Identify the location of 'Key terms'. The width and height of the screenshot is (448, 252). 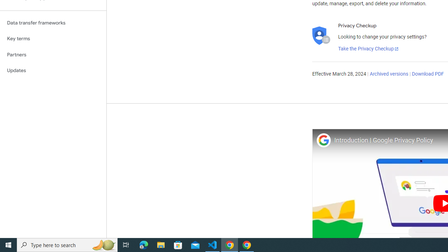
(53, 38).